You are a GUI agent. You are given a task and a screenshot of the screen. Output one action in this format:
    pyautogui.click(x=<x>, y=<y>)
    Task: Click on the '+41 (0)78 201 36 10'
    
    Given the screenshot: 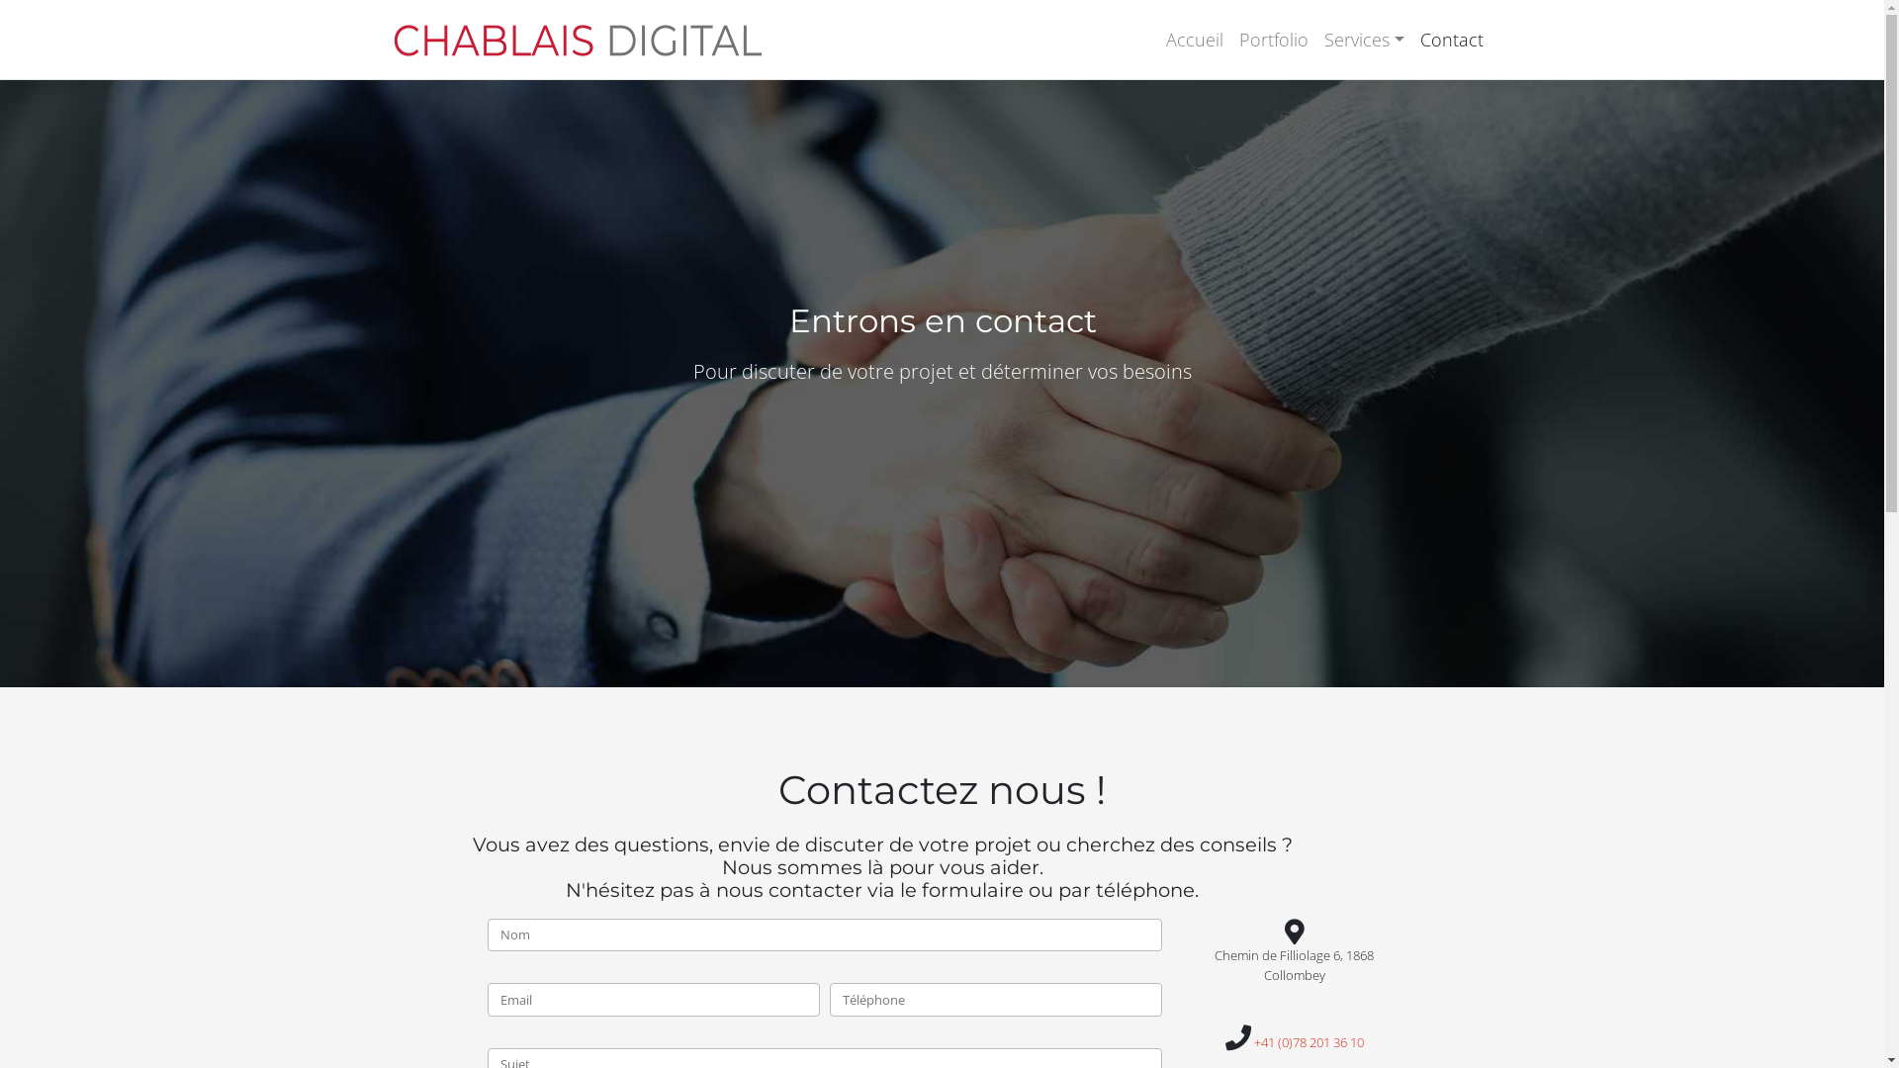 What is the action you would take?
    pyautogui.click(x=1309, y=1040)
    